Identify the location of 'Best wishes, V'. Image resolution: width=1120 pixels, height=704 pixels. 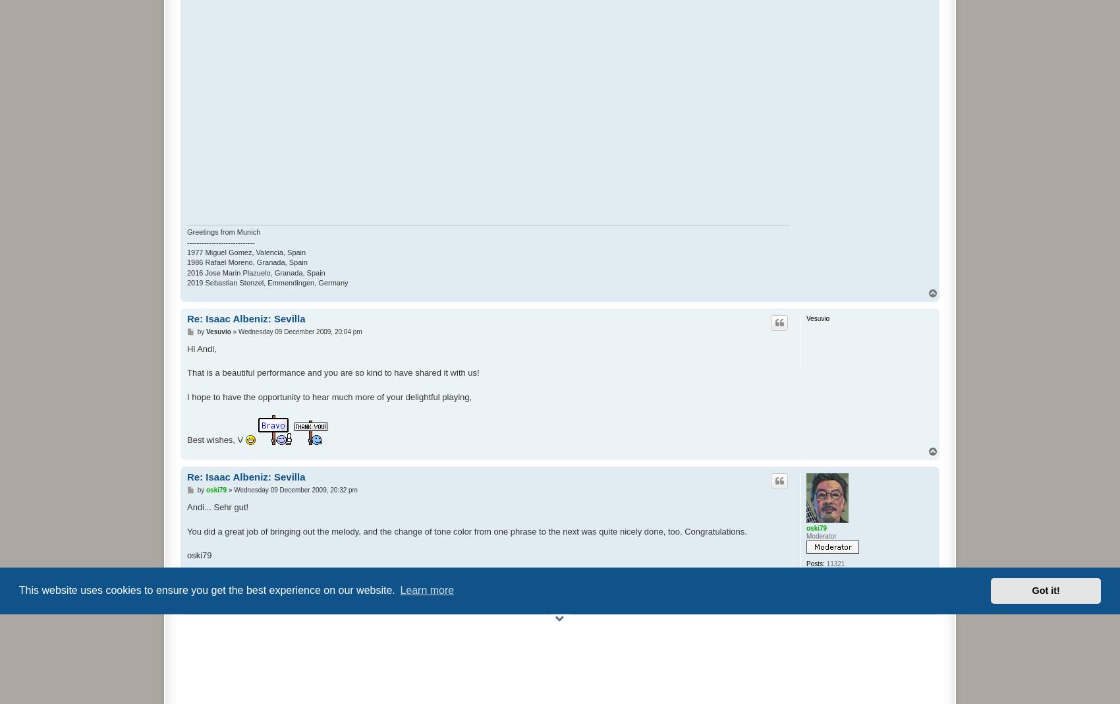
(187, 439).